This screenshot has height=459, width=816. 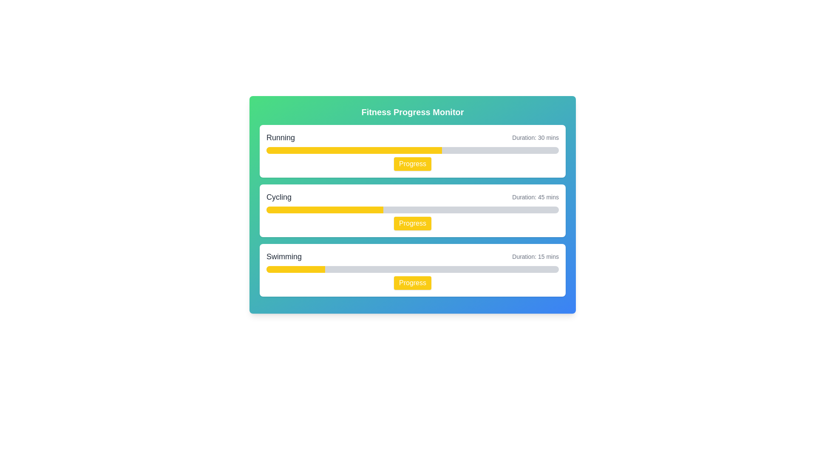 What do you see at coordinates (535, 137) in the screenshot?
I see `text displayed in the 'Running' section's duration label, which is positioned to the far right of the progress bar and the action button labeled 'Progress'` at bounding box center [535, 137].